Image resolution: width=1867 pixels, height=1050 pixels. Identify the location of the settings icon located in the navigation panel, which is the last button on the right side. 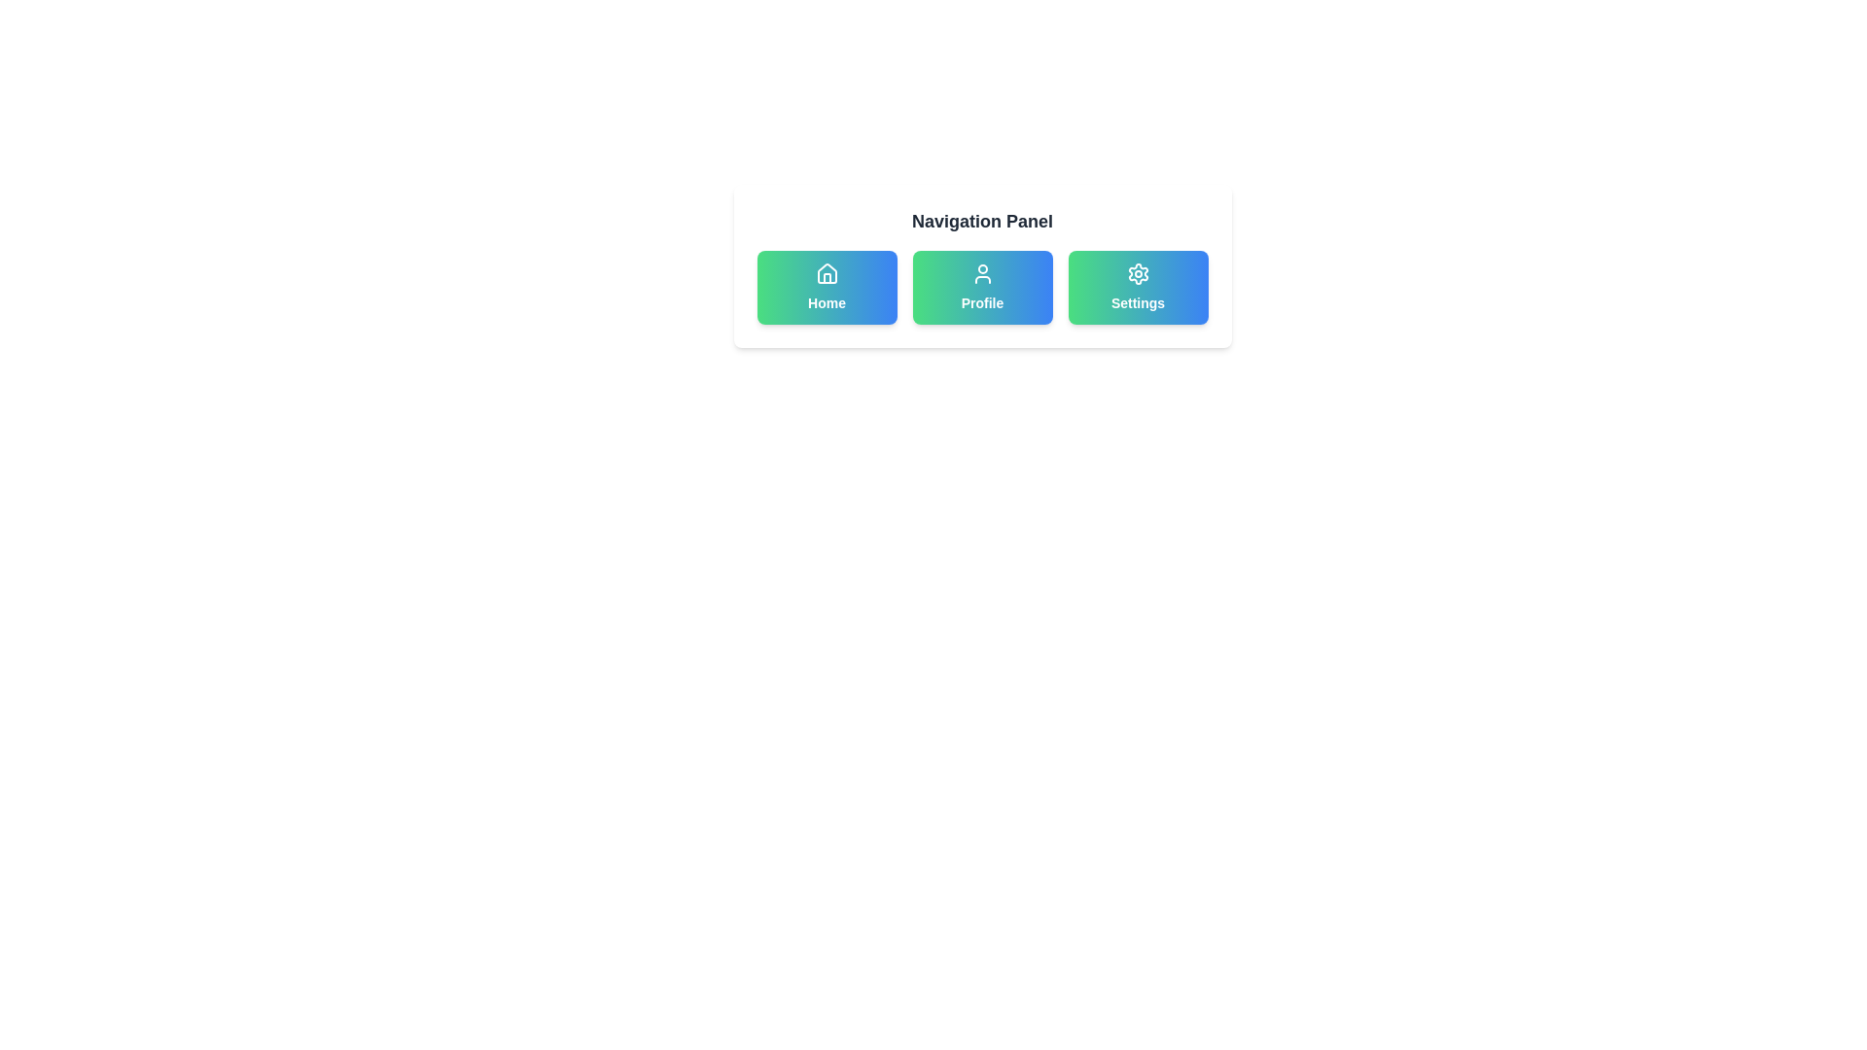
(1138, 273).